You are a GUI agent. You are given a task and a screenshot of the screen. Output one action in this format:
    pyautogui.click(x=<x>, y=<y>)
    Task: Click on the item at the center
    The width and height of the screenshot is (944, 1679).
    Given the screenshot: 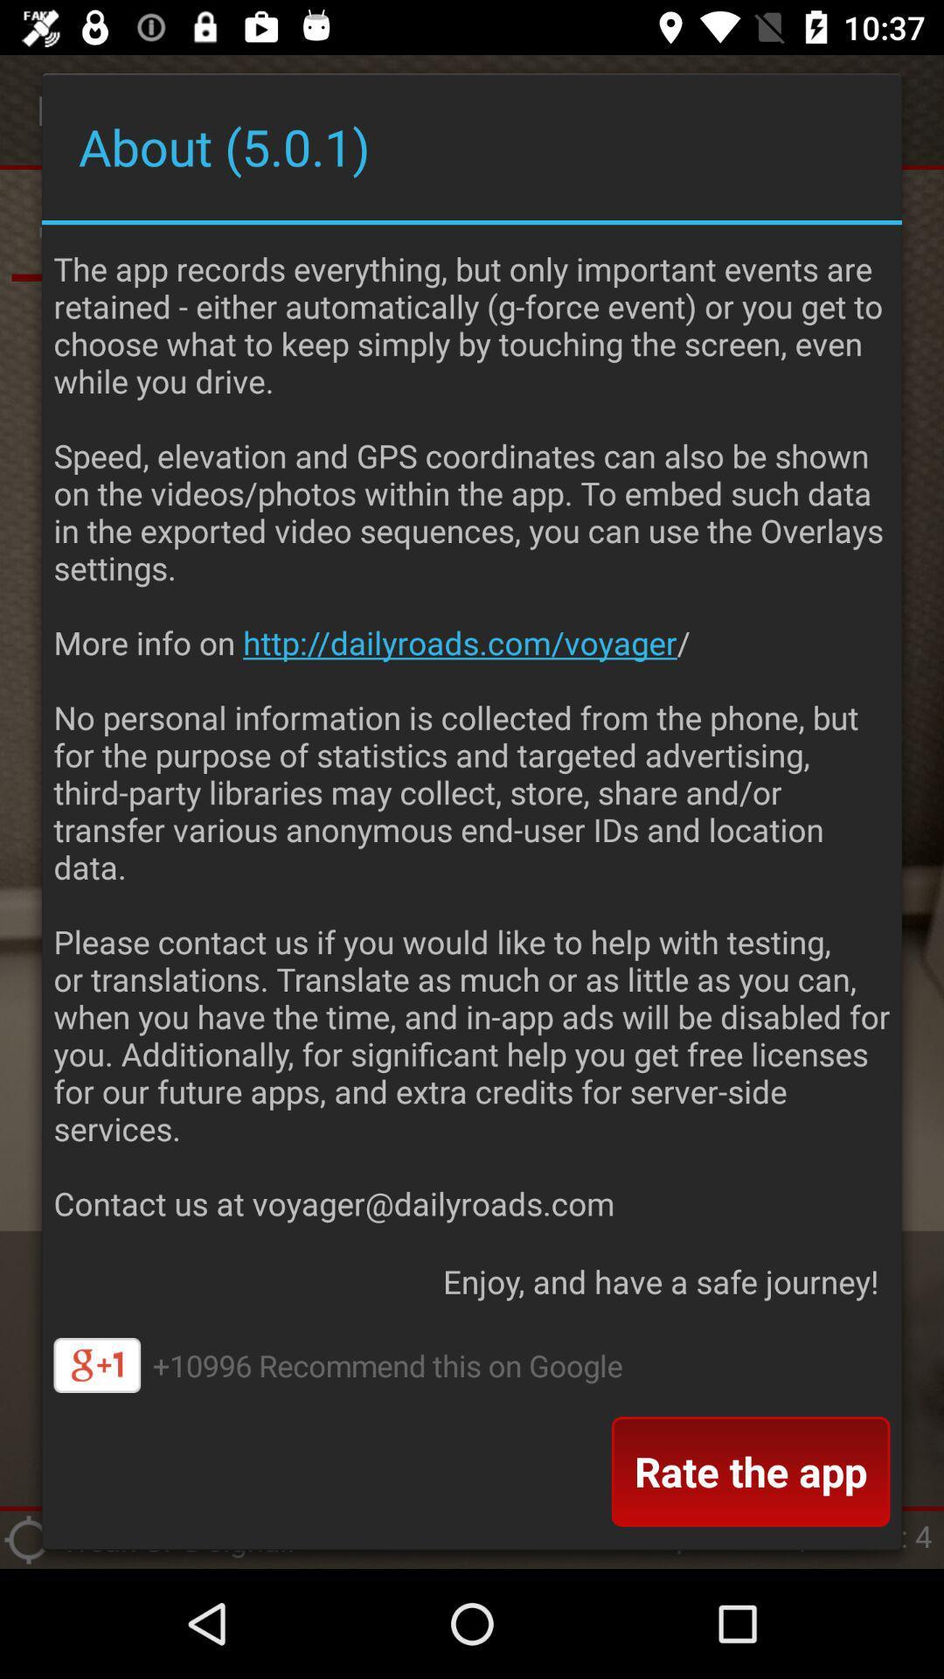 What is the action you would take?
    pyautogui.click(x=472, y=730)
    